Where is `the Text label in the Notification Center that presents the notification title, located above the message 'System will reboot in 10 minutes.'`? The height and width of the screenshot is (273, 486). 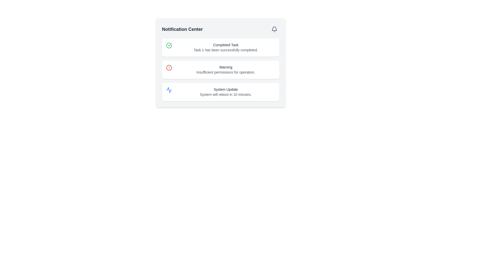 the Text label in the Notification Center that presents the notification title, located above the message 'System will reboot in 10 minutes.' is located at coordinates (226, 89).